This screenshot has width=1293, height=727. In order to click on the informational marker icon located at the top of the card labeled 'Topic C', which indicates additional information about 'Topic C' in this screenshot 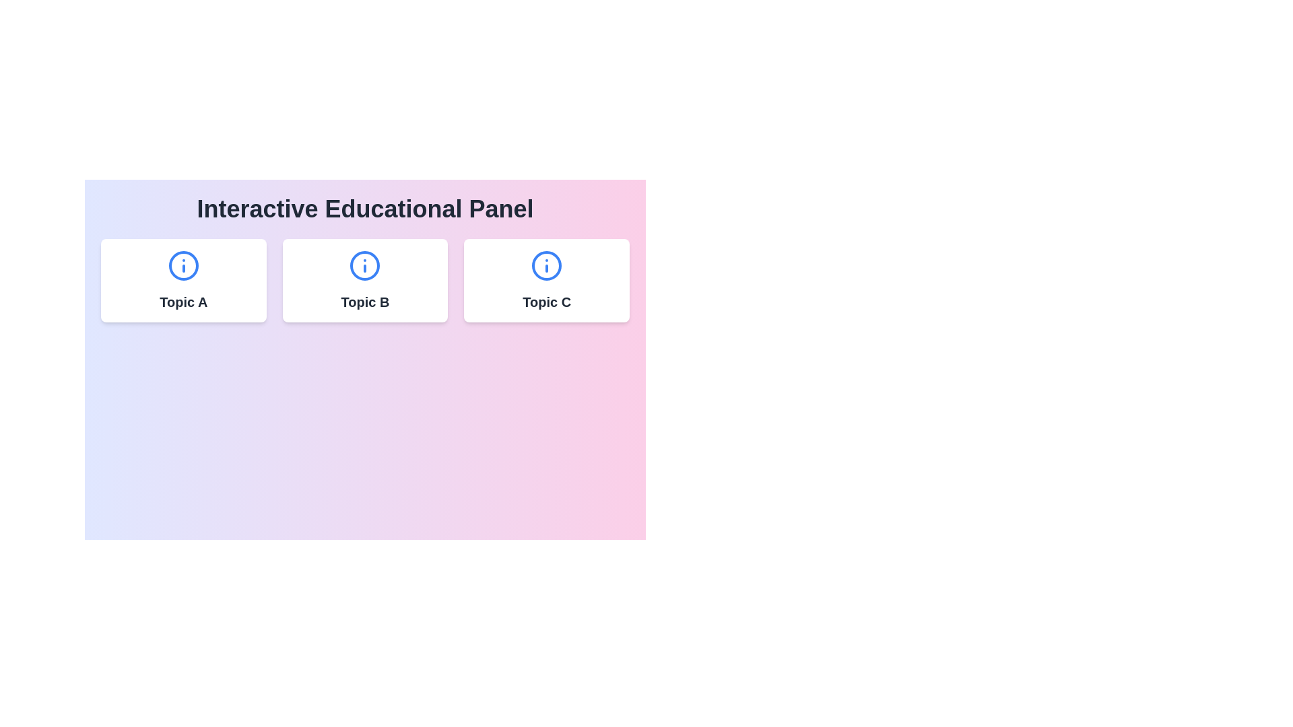, I will do `click(547, 265)`.